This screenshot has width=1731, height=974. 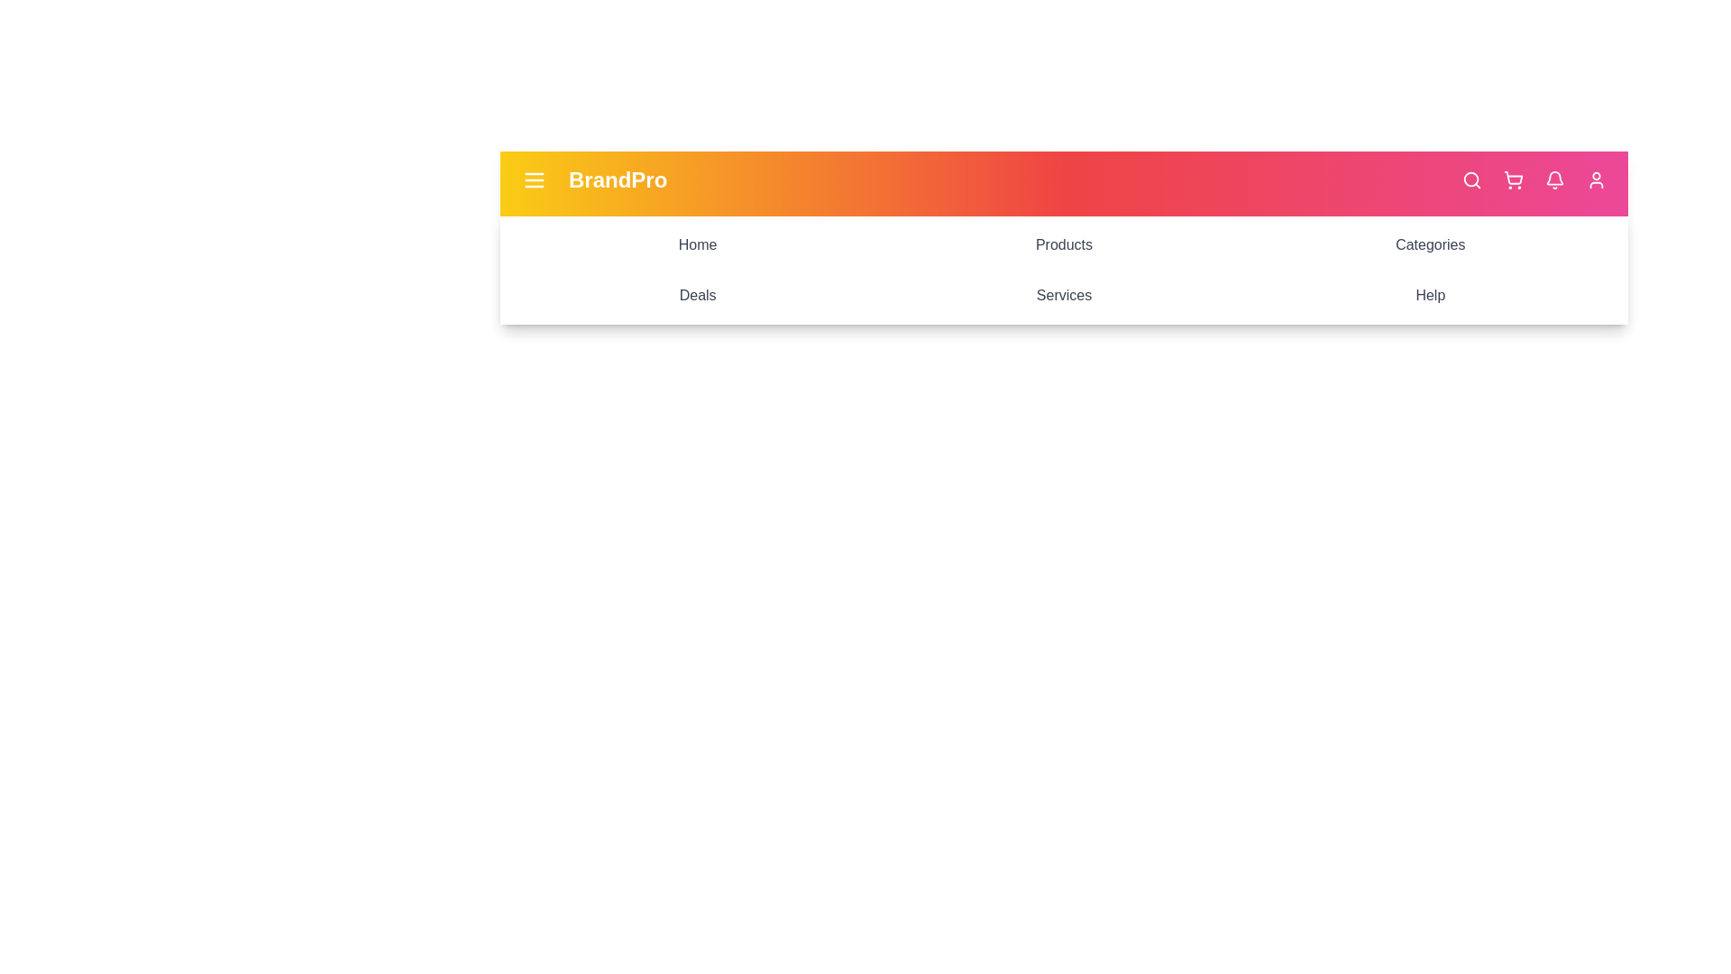 What do you see at coordinates (1428, 245) in the screenshot?
I see `the menu item labeled Categories to navigate to its section` at bounding box center [1428, 245].